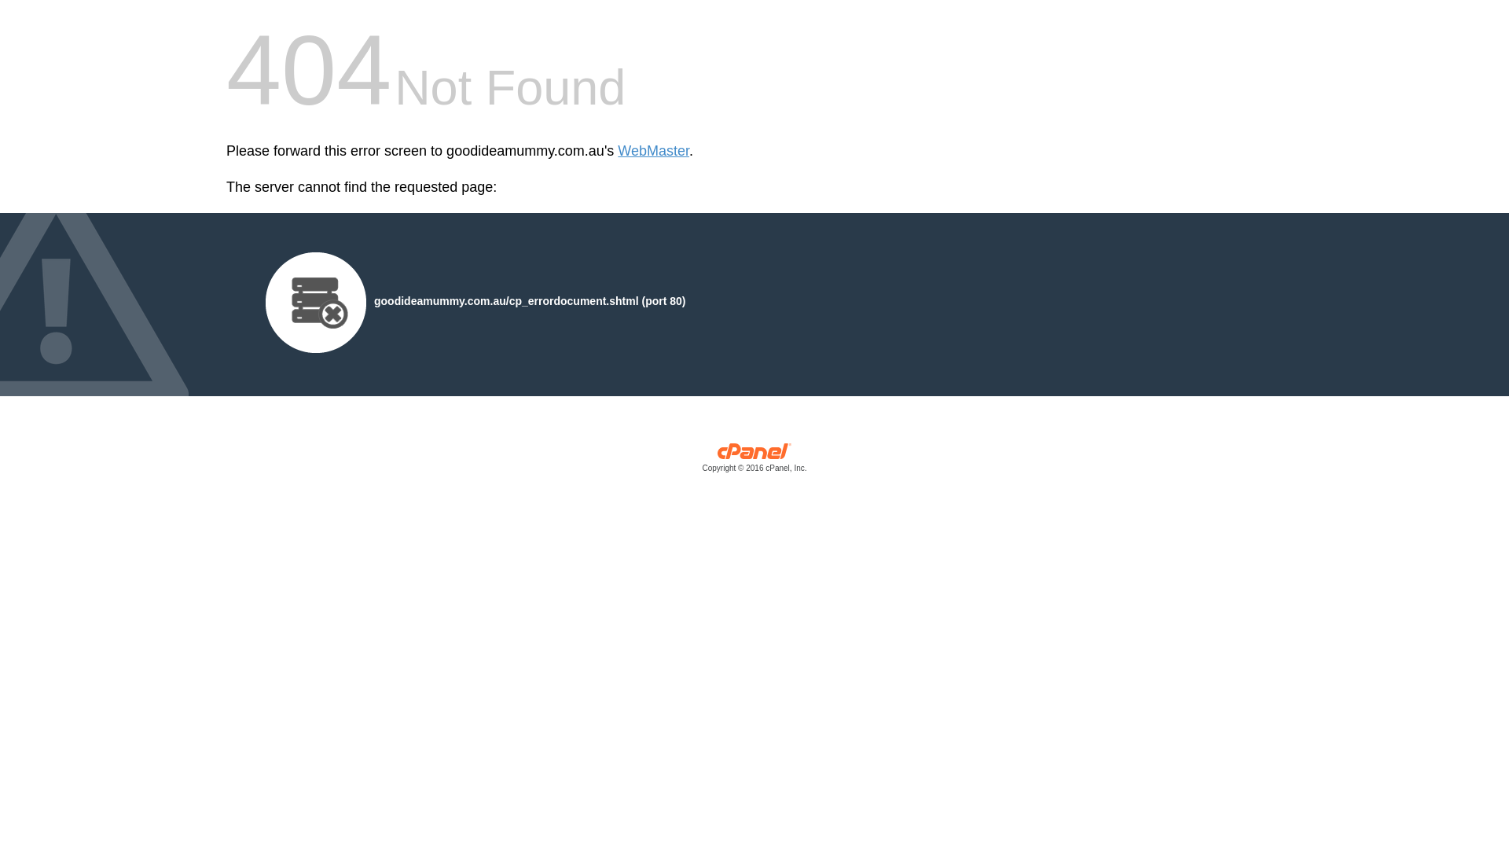 This screenshot has height=849, width=1509. Describe the element at coordinates (617, 151) in the screenshot. I see `'WebMaster'` at that location.